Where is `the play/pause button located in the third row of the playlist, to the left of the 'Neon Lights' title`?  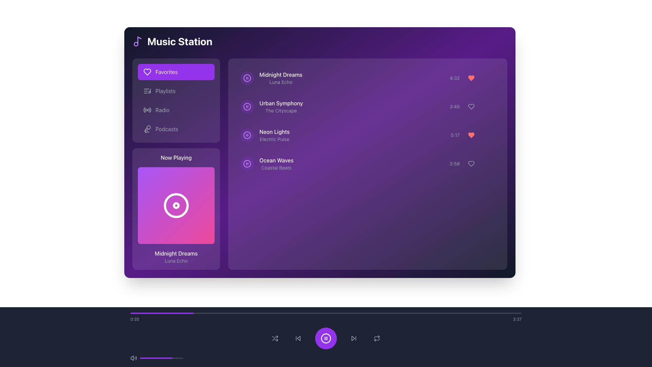
the play/pause button located in the third row of the playlist, to the left of the 'Neon Lights' title is located at coordinates (247, 135).